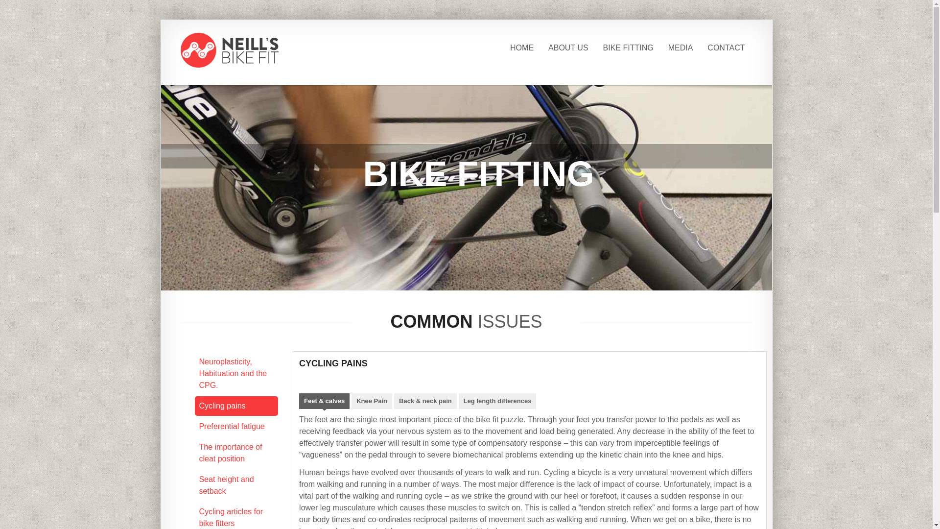  Describe the element at coordinates (230, 453) in the screenshot. I see `'The importance of cleat position'` at that location.